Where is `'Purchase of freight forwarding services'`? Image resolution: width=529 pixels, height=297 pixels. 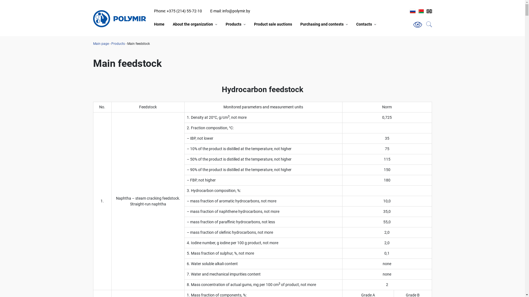
'Purchase of freight forwarding services' is located at coordinates (334, 32).